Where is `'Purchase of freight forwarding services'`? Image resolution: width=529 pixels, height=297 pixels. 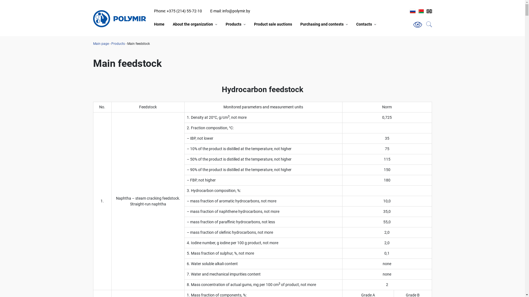
'Purchase of freight forwarding services' is located at coordinates (334, 32).